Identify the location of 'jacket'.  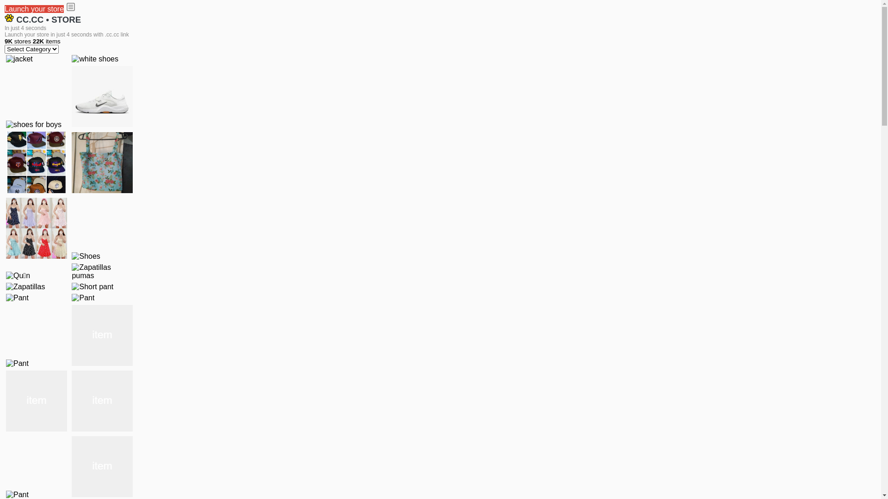
(6, 59).